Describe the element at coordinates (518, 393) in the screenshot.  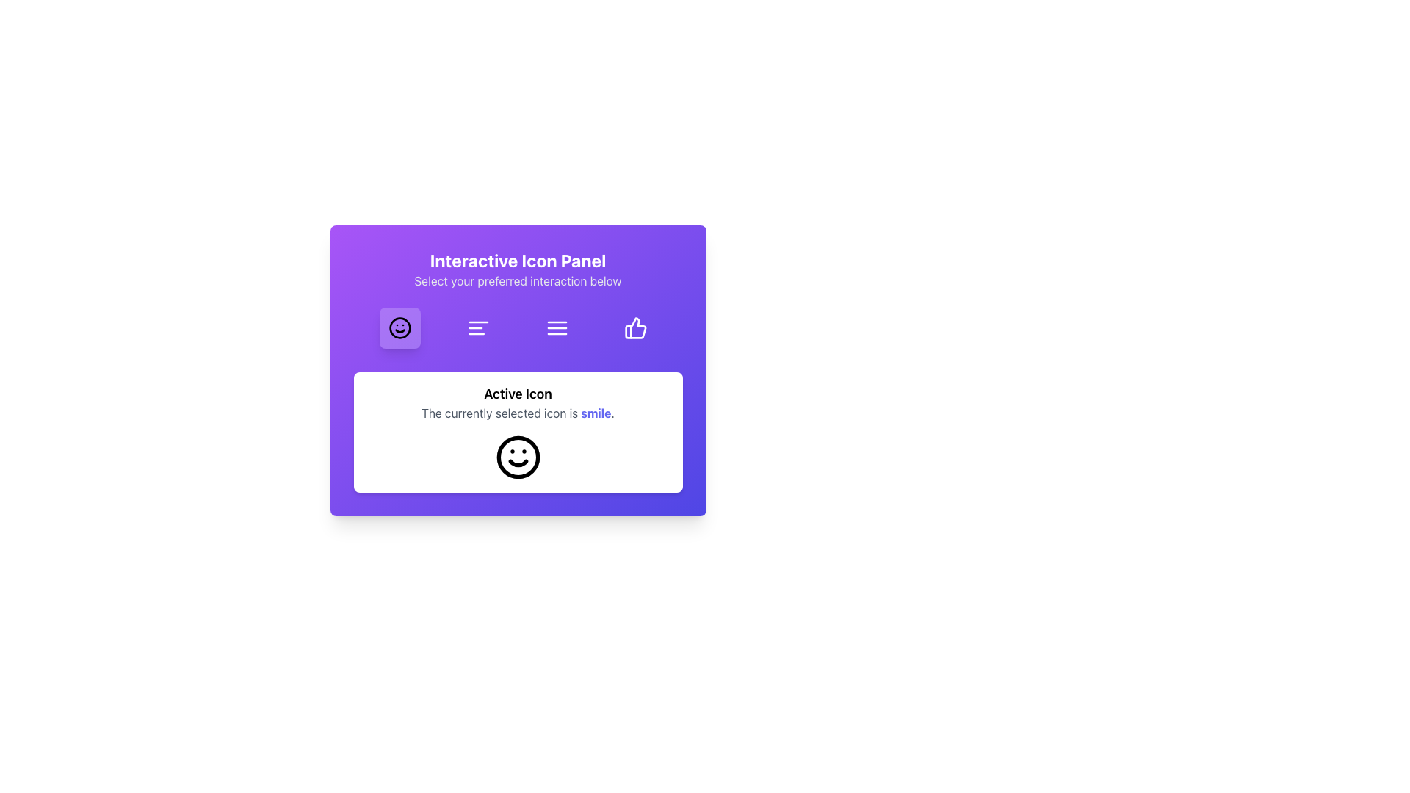
I see `the Text Label indicating the active icon selection within the interface, which is positioned at the top of a rounded rectangular card with a white background` at that location.